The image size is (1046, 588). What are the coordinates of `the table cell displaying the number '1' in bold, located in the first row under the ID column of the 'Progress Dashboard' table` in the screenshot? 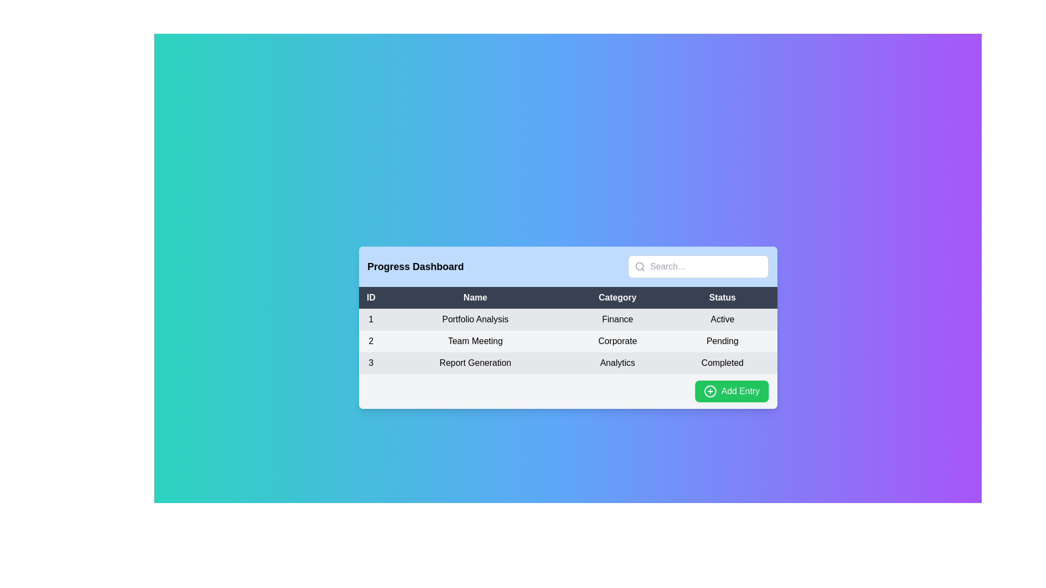 It's located at (371, 318).